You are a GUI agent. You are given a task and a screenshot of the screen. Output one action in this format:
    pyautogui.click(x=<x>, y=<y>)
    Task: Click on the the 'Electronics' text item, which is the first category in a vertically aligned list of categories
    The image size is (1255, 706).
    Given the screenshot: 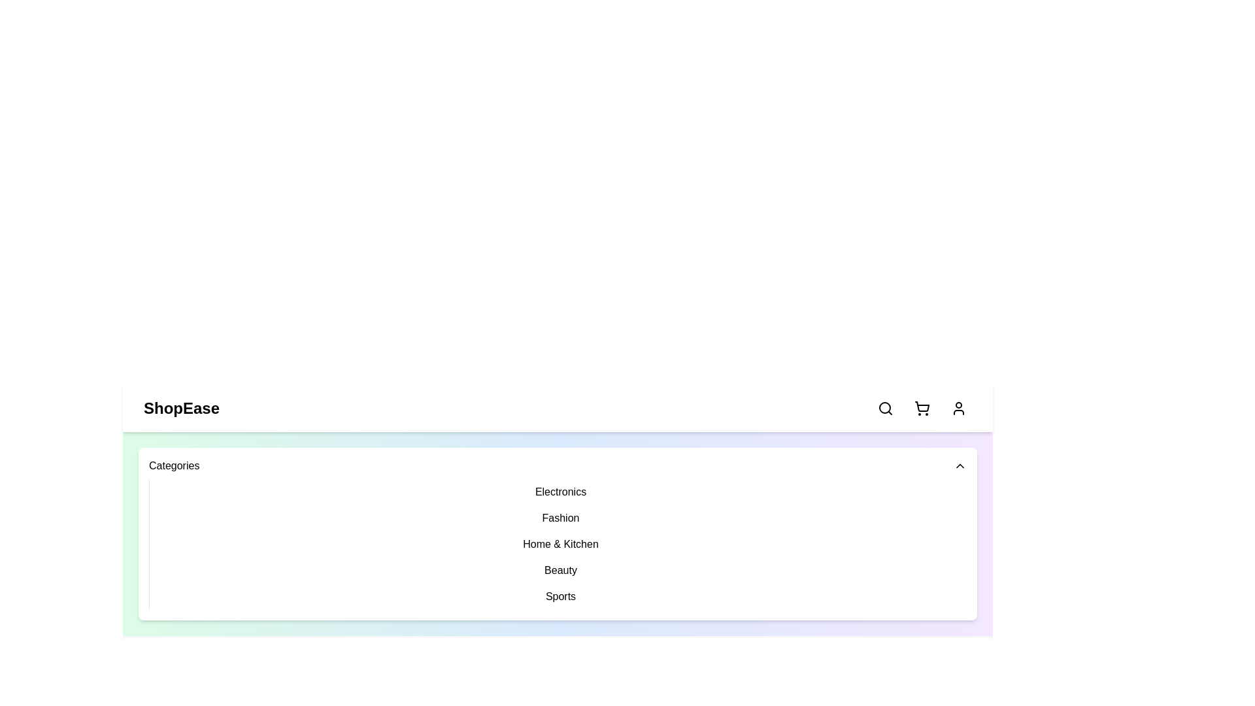 What is the action you would take?
    pyautogui.click(x=561, y=492)
    